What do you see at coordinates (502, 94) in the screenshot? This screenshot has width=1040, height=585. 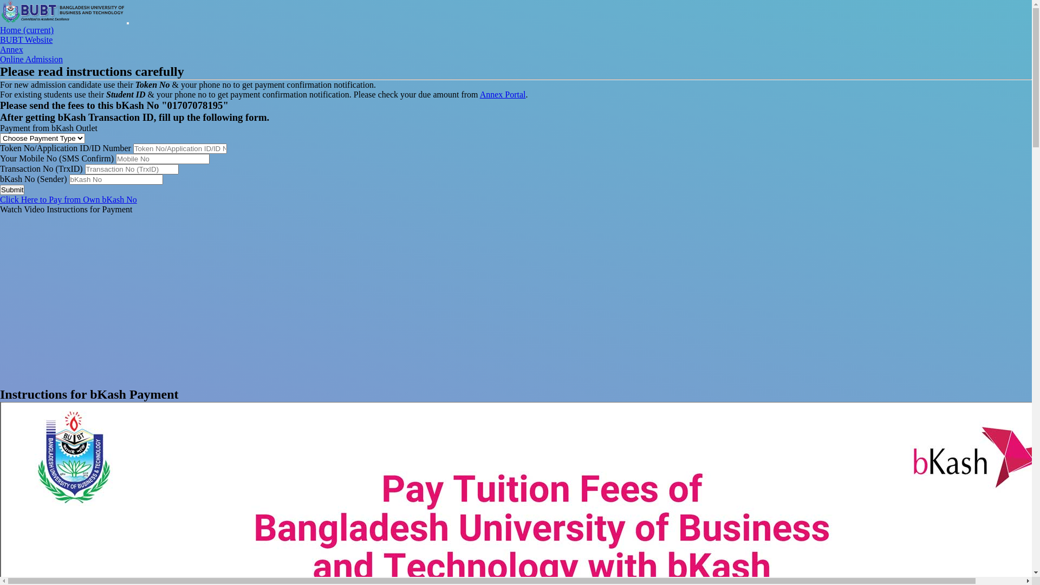 I see `'Annex Portal'` at bounding box center [502, 94].